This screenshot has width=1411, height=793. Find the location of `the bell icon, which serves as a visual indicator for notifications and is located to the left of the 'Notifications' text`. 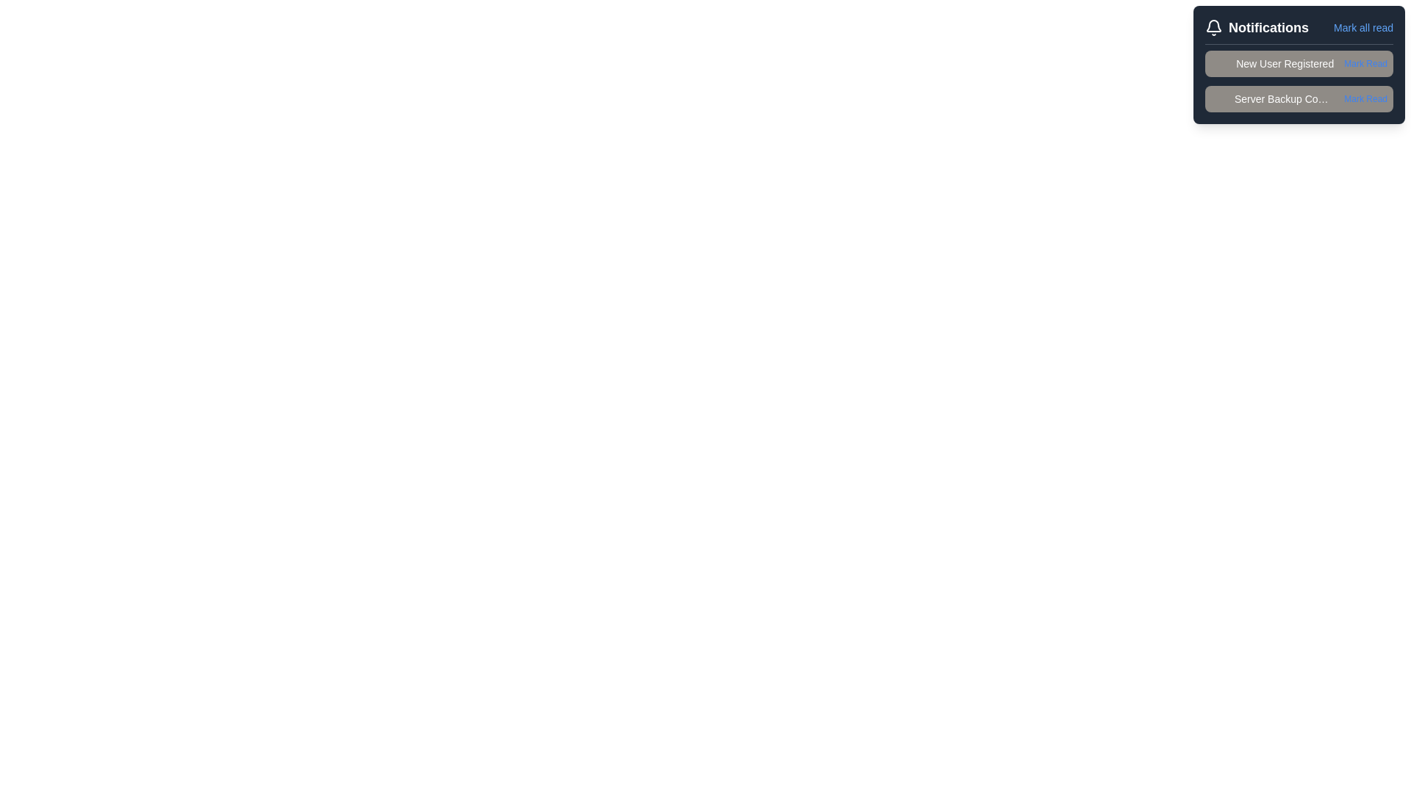

the bell icon, which serves as a visual indicator for notifications and is located to the left of the 'Notifications' text is located at coordinates (1213, 28).